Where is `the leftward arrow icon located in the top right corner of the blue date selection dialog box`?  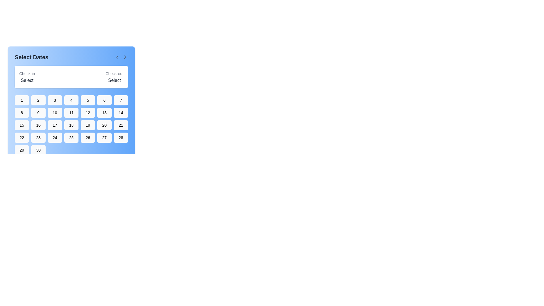
the leftward arrow icon located in the top right corner of the blue date selection dialog box is located at coordinates (117, 57).